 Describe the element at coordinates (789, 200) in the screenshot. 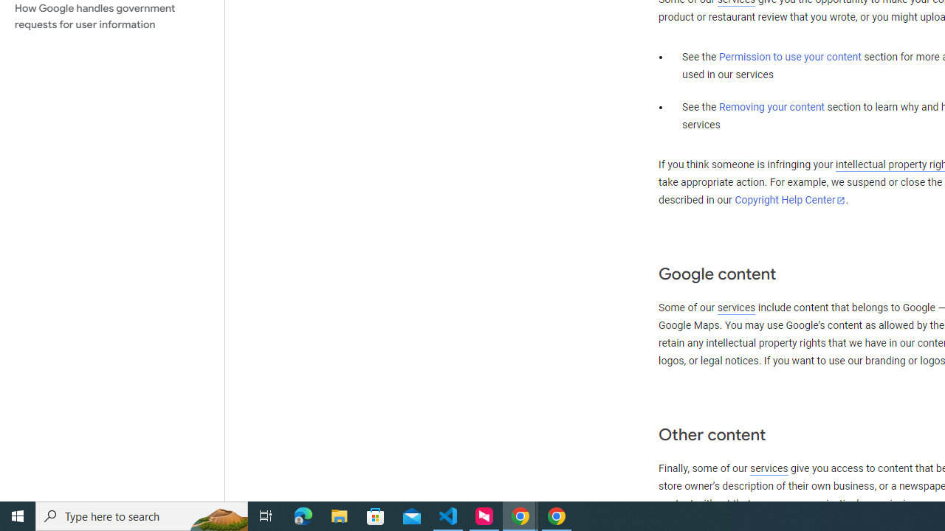

I see `'Copyright Help Center'` at that location.